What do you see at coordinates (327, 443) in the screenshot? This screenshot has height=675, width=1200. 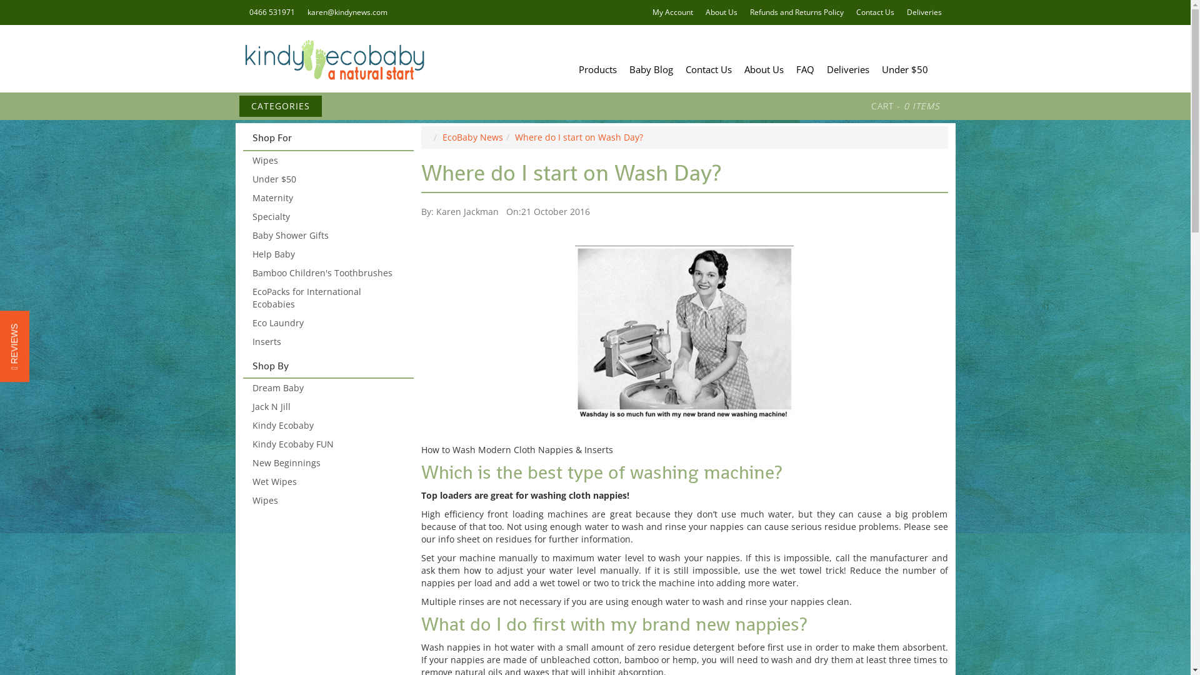 I see `'Kindy Ecobaby FUN'` at bounding box center [327, 443].